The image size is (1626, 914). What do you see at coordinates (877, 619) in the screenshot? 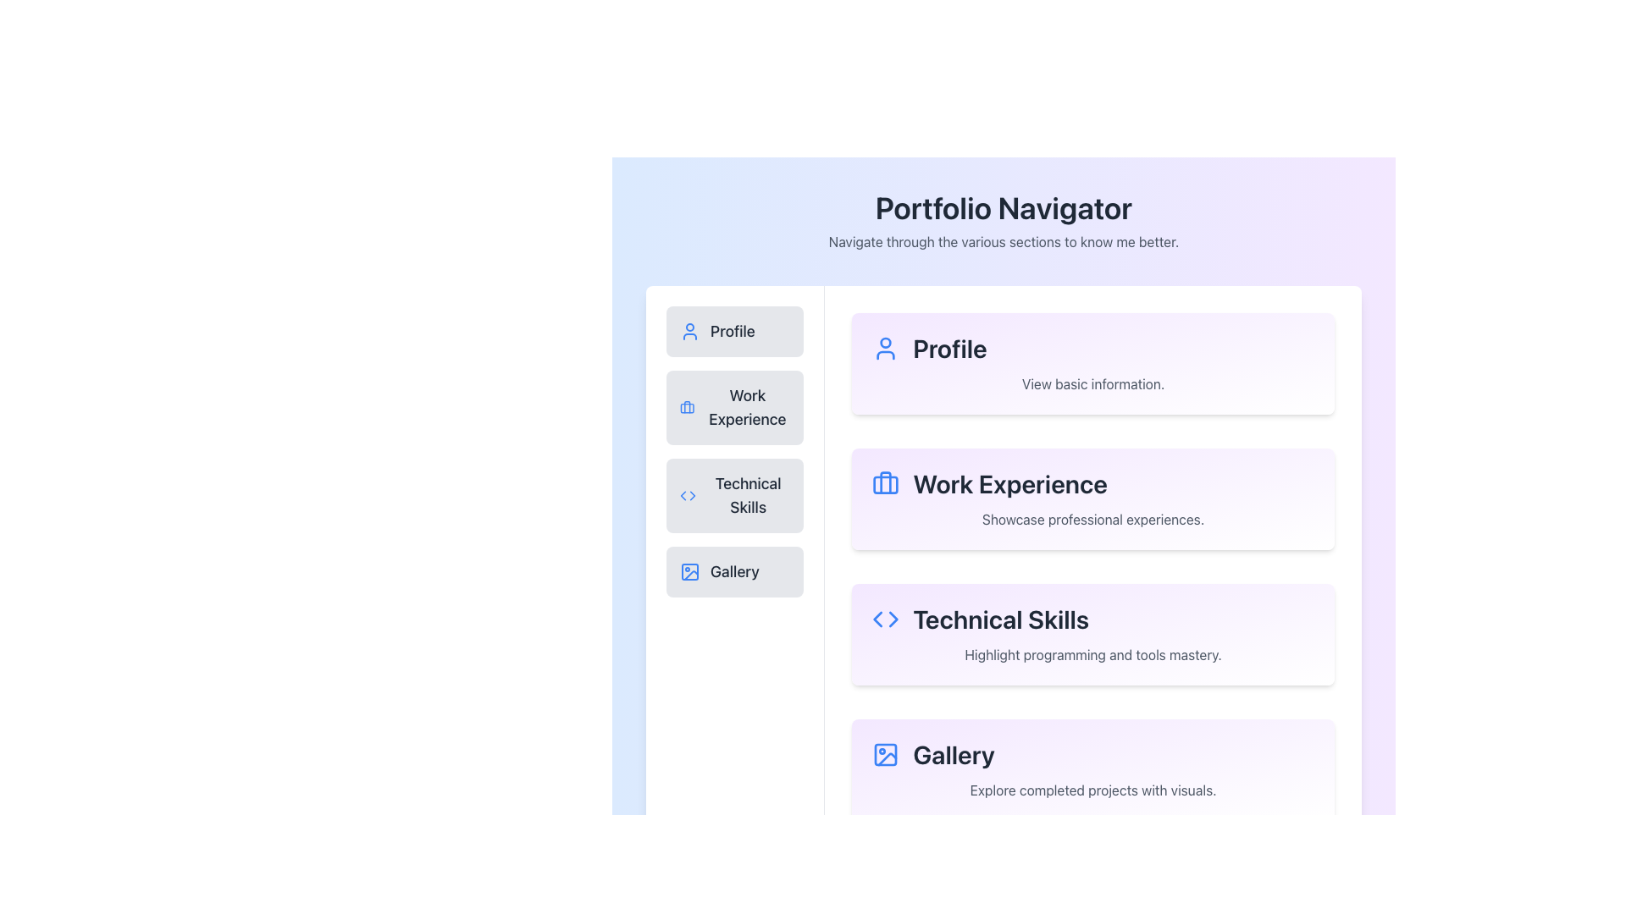
I see `the left arrowhead SVG icon in the sidebar next to the 'Technical Skills' section` at bounding box center [877, 619].